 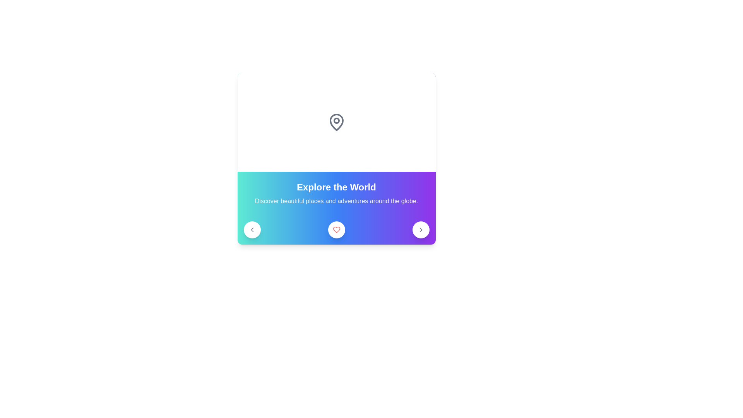 What do you see at coordinates (252, 230) in the screenshot?
I see `the leftmost navigation button` at bounding box center [252, 230].